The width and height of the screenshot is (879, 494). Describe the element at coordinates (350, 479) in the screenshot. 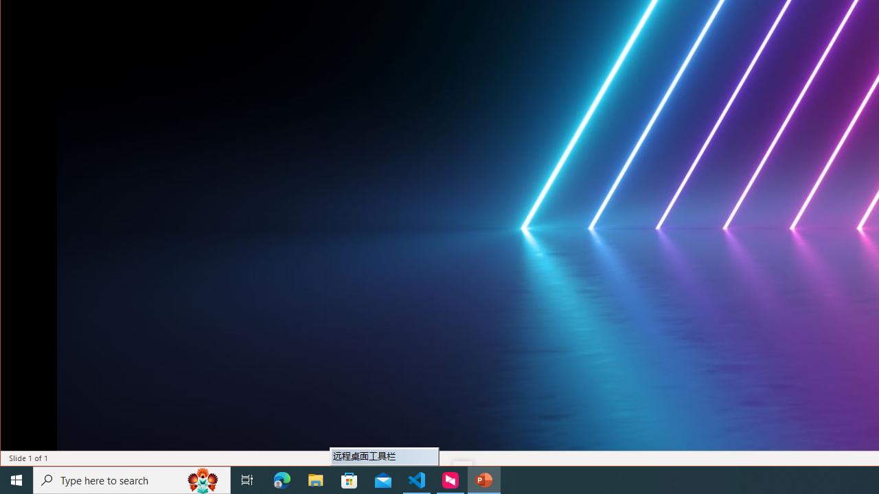

I see `'Microsoft Store'` at that location.